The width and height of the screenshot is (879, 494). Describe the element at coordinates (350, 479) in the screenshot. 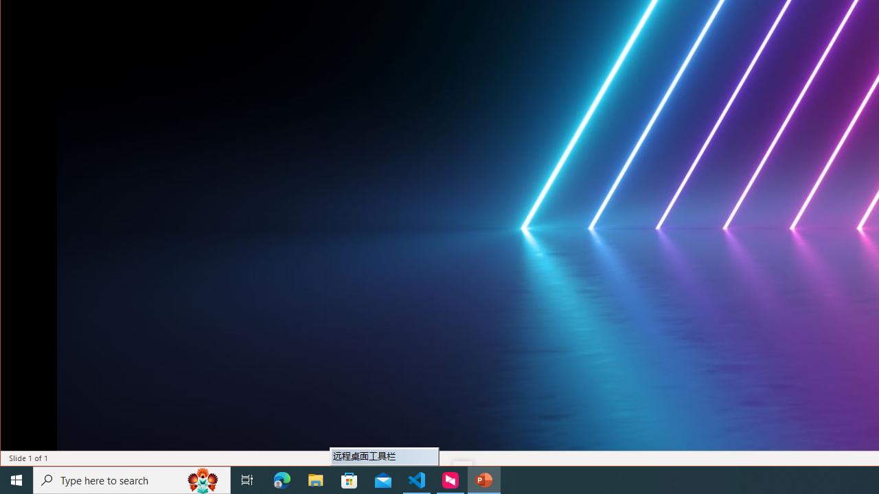

I see `'Microsoft Store'` at that location.